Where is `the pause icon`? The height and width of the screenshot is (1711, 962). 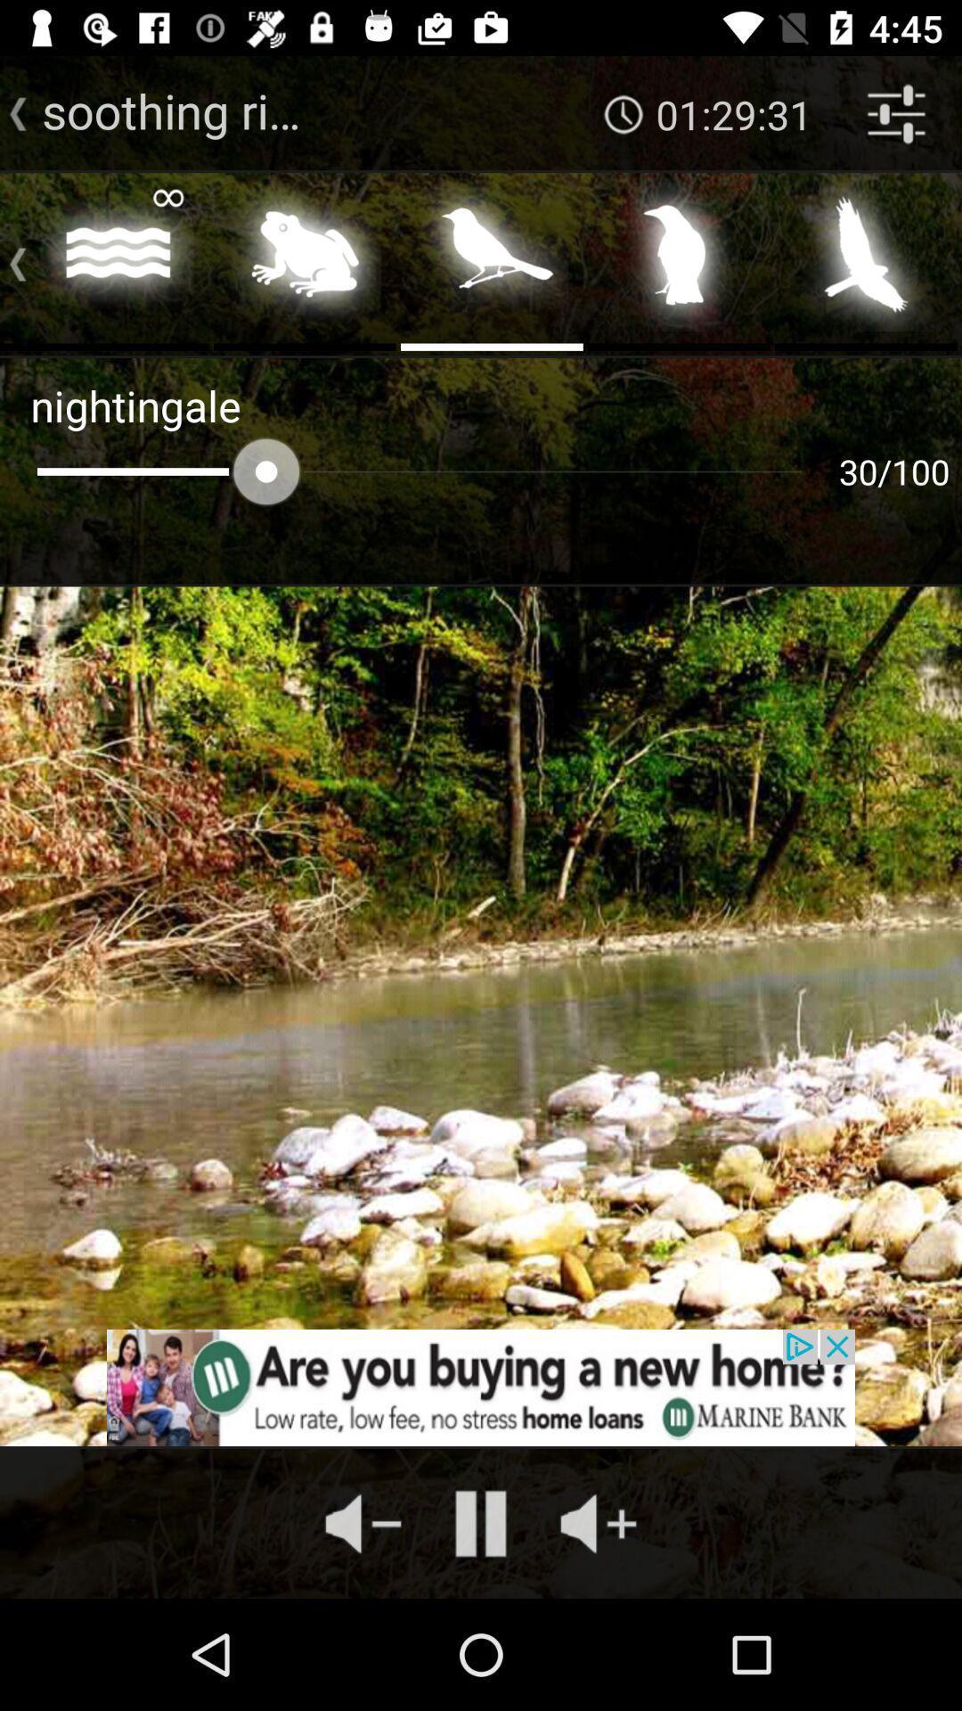 the pause icon is located at coordinates (481, 1522).